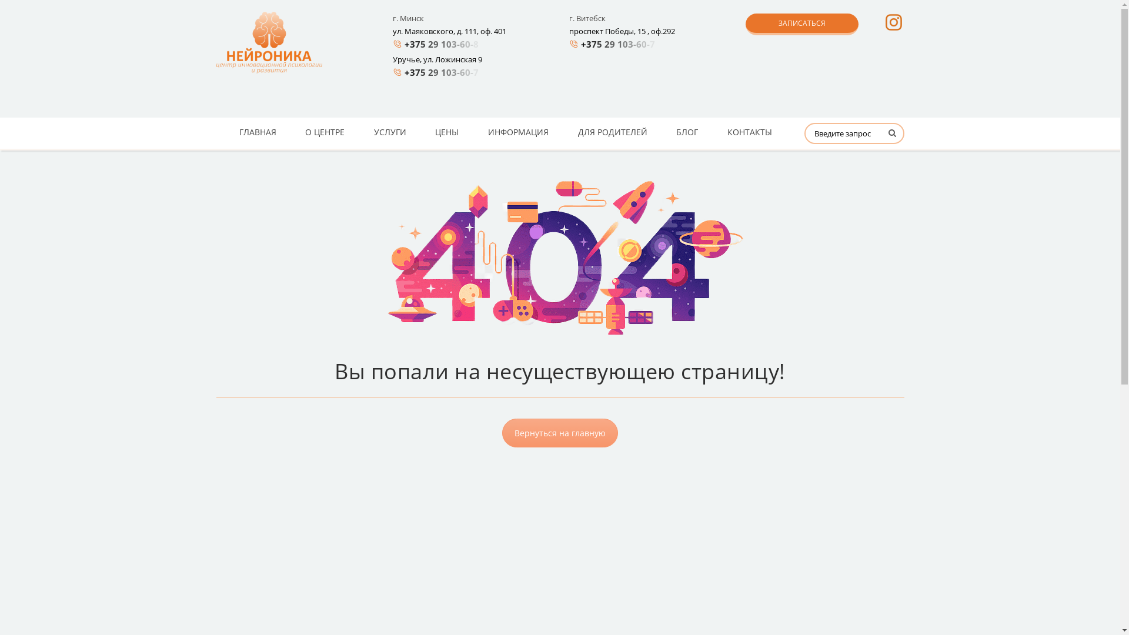 Image resolution: width=1129 pixels, height=635 pixels. What do you see at coordinates (443, 72) in the screenshot?
I see `'+375 29 103-60-7'` at bounding box center [443, 72].